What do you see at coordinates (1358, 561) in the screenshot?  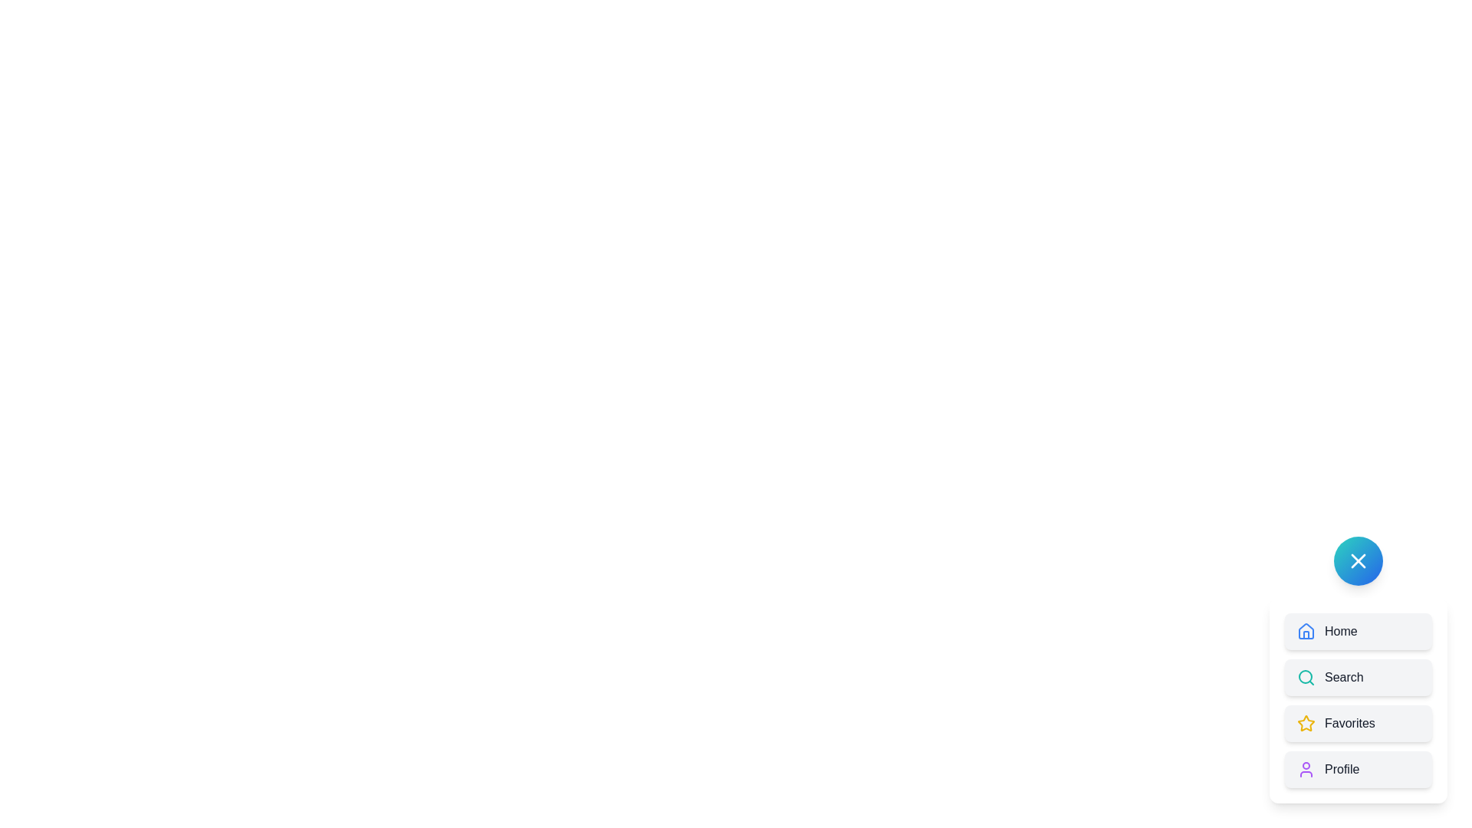 I see `the decorative icon at the center of the circular button located at the top of the vertical menu list, which indicates closure or cancellation functionality` at bounding box center [1358, 561].